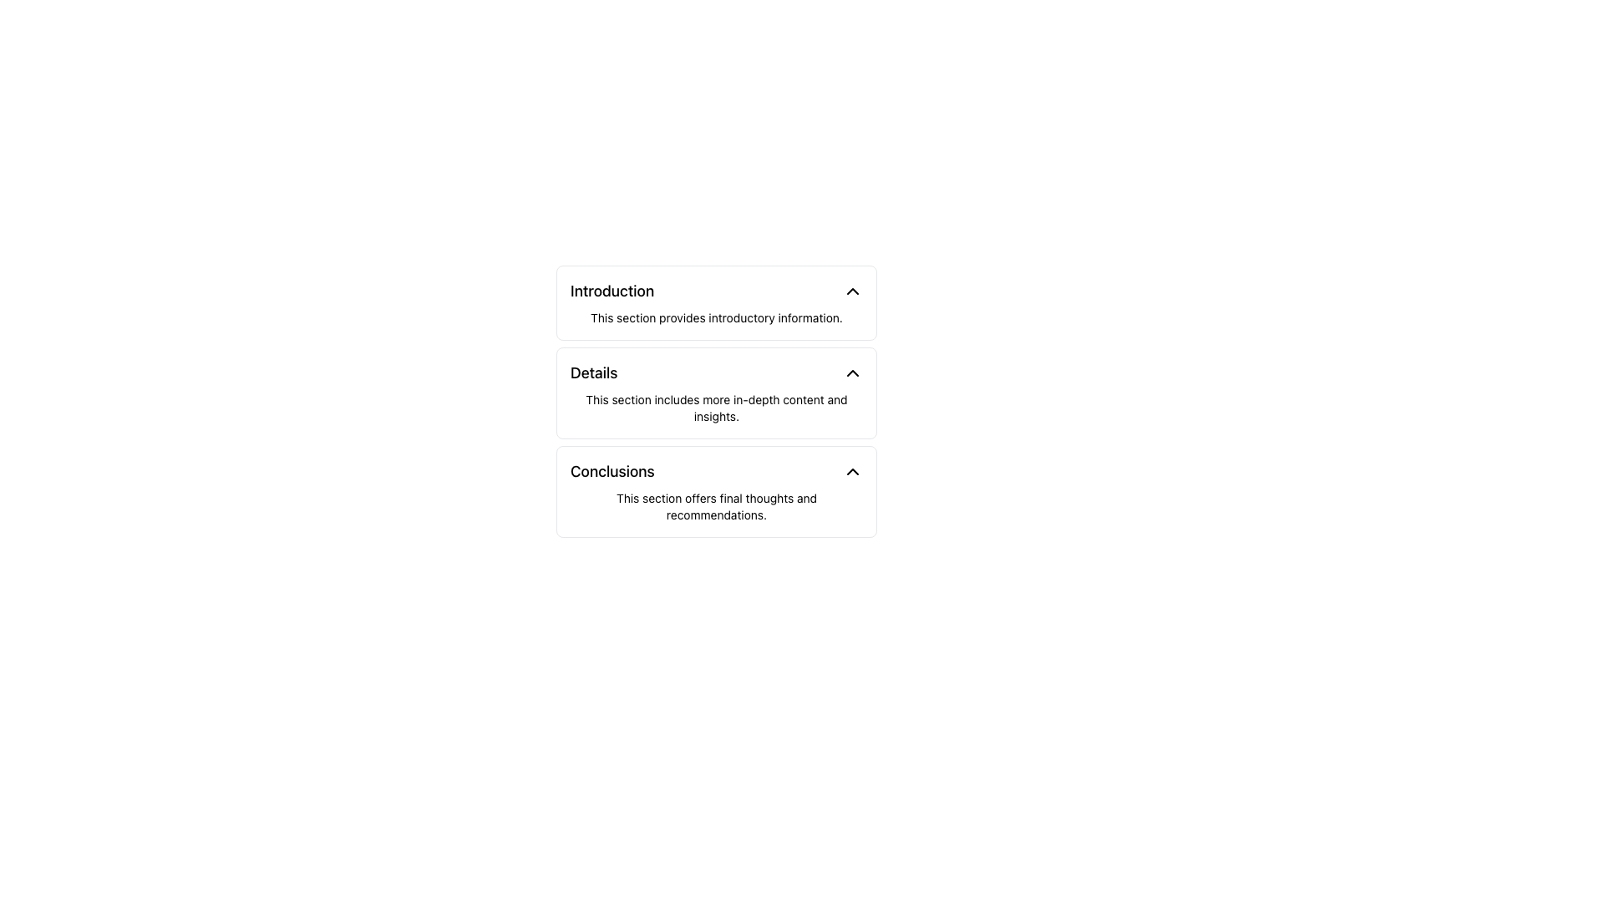 The height and width of the screenshot is (902, 1604). Describe the element at coordinates (853, 471) in the screenshot. I see `the upward-pointed chevron icon located on the far-right side of the 'Conclusions' section header` at that location.